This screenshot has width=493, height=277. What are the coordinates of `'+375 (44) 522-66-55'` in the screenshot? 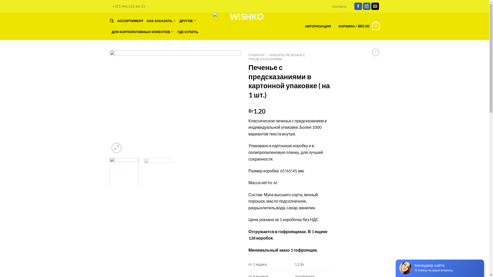 It's located at (129, 6).